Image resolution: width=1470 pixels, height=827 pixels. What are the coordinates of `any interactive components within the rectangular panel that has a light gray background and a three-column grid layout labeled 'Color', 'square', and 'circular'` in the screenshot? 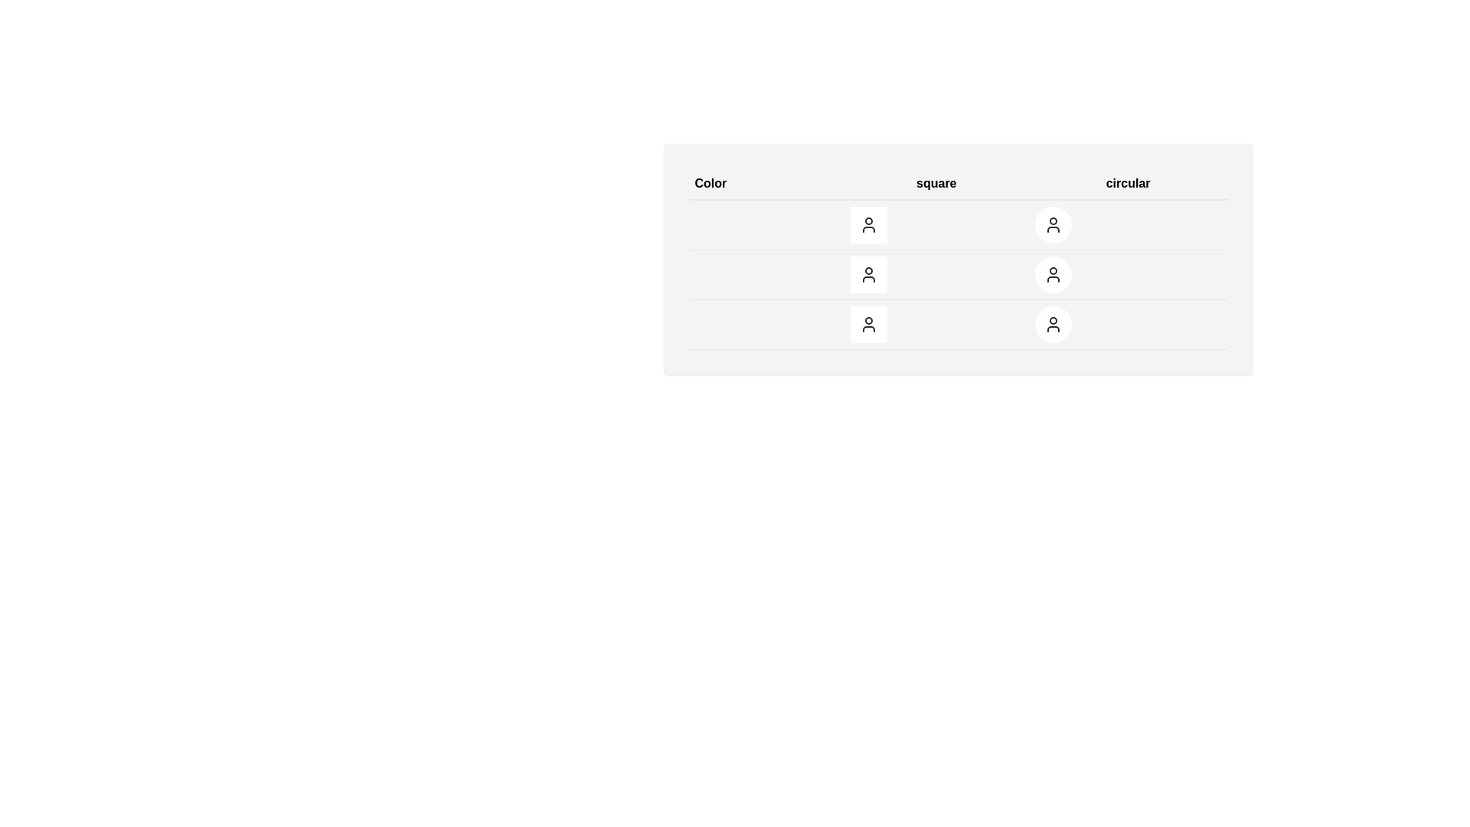 It's located at (957, 258).